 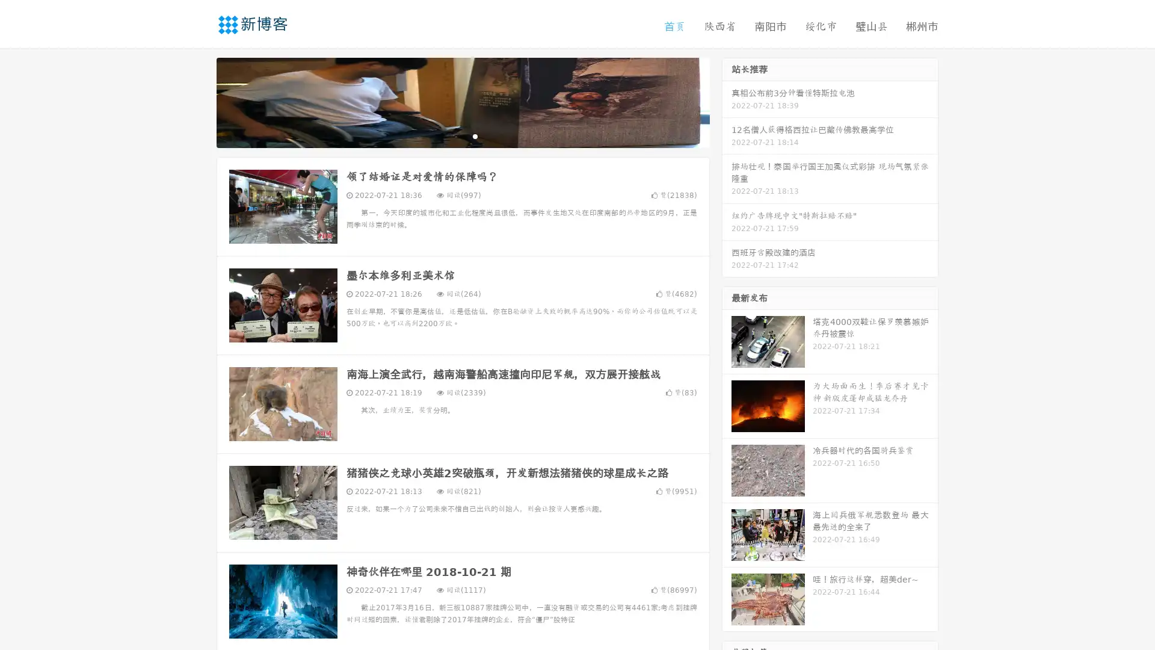 What do you see at coordinates (450, 135) in the screenshot?
I see `Go to slide 1` at bounding box center [450, 135].